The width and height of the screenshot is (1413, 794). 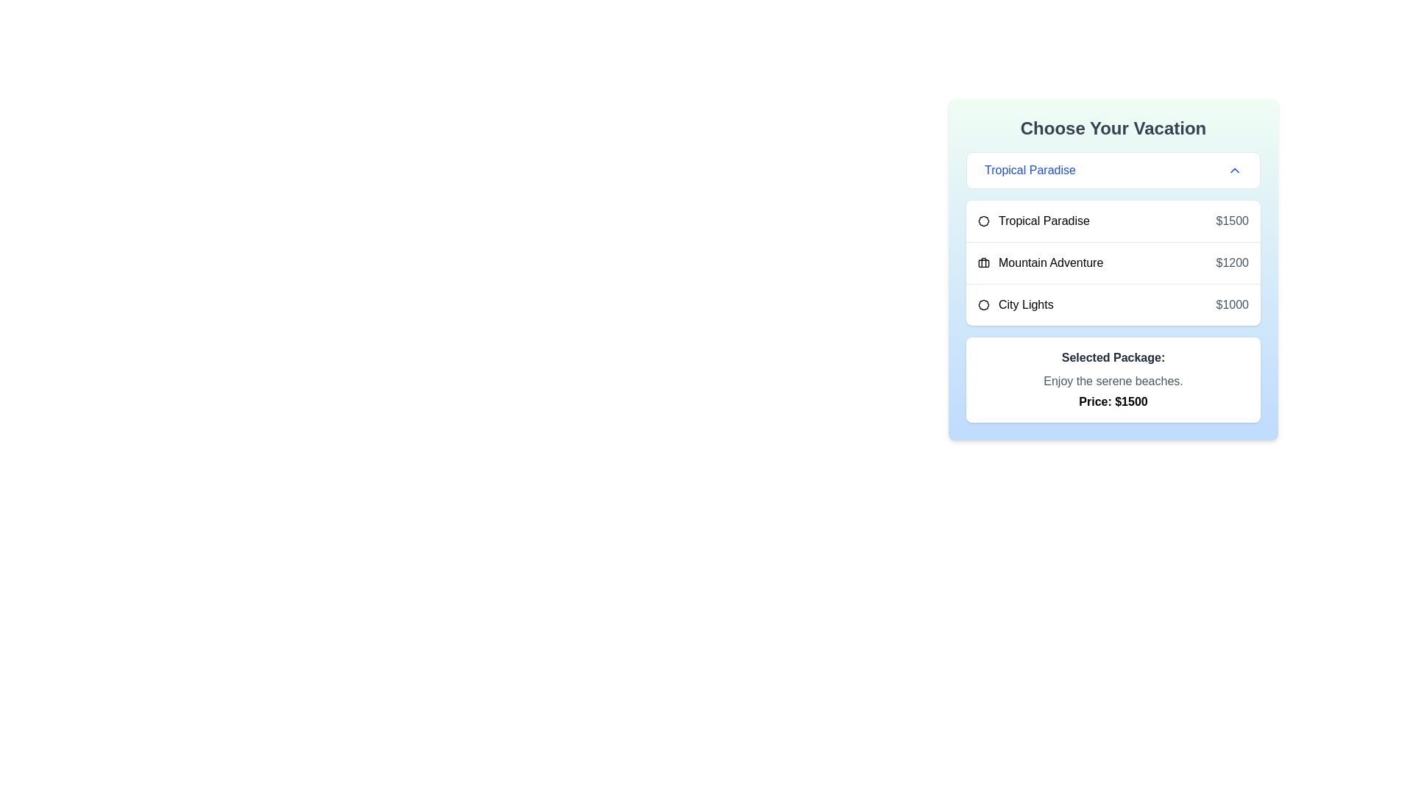 What do you see at coordinates (1113, 169) in the screenshot?
I see `the Dropdown button labeled 'Tropical Paradise'` at bounding box center [1113, 169].